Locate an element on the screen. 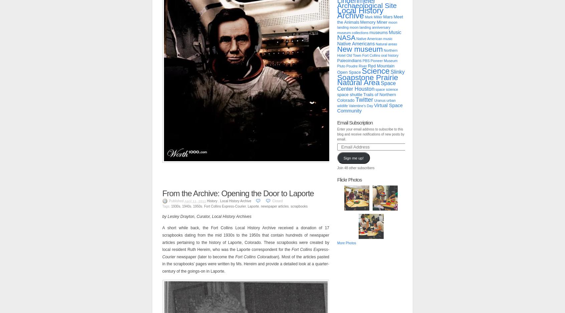  'Tags:' is located at coordinates (166, 206).